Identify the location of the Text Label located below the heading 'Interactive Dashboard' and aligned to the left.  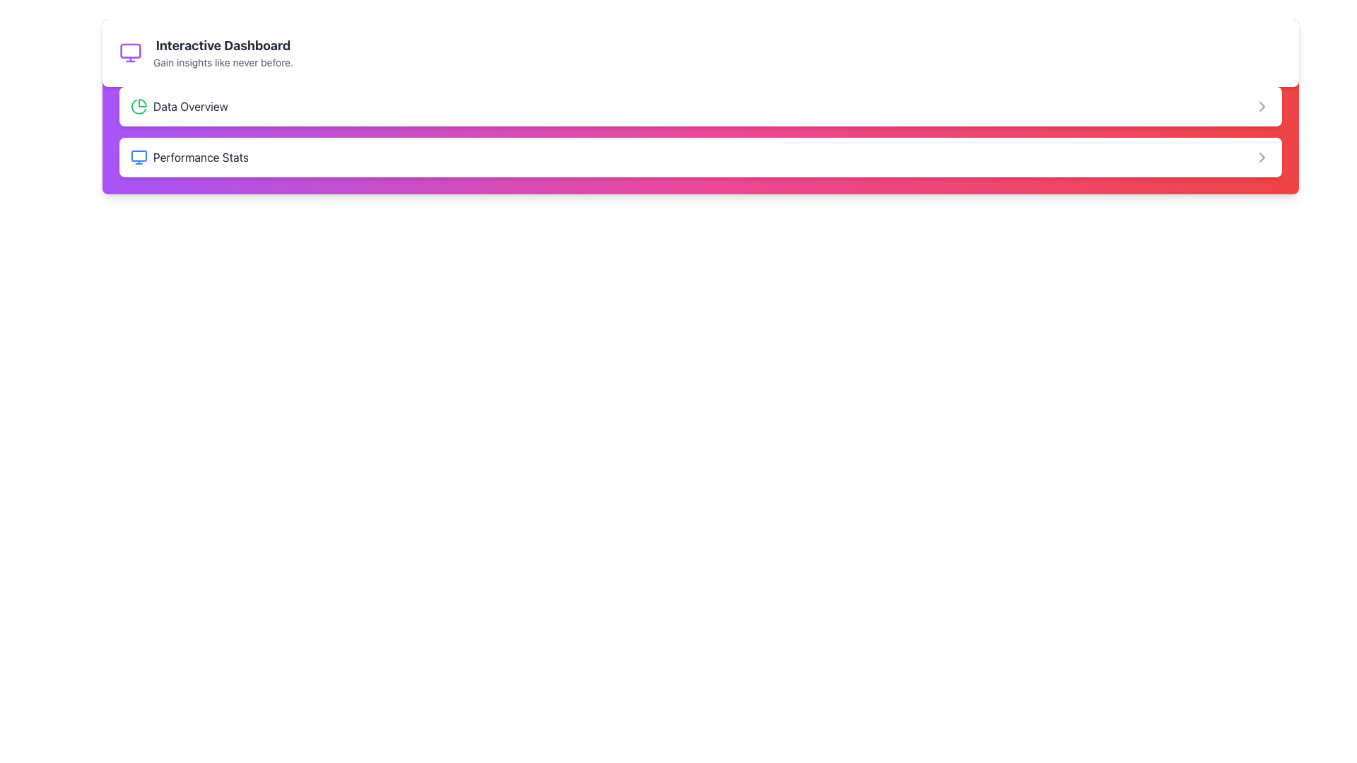
(223, 61).